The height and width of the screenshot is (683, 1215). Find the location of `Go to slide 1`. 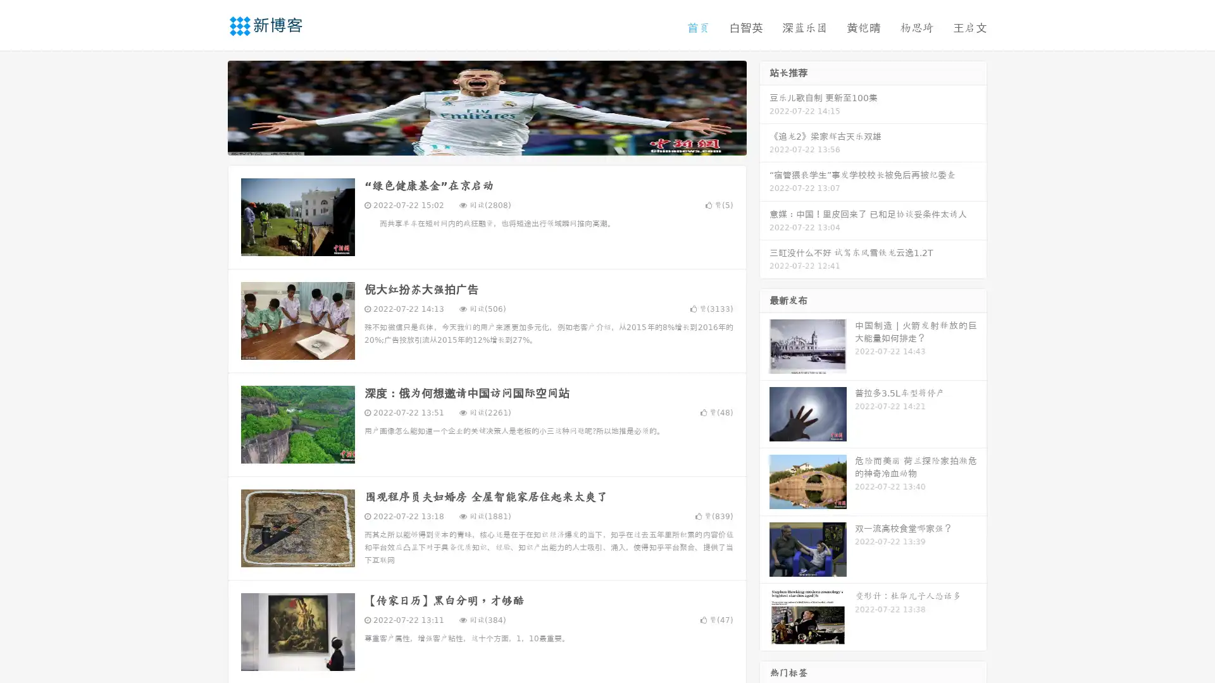

Go to slide 1 is located at coordinates (473, 142).